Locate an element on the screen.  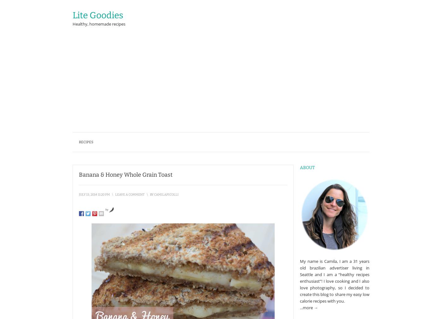
'Healthy, homemade recipes' is located at coordinates (99, 24).